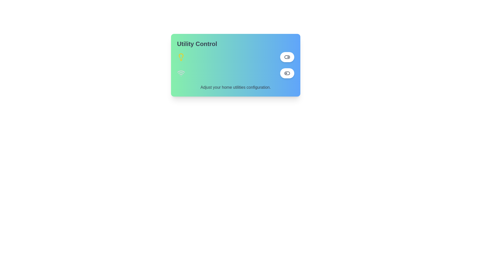 The width and height of the screenshot is (485, 273). Describe the element at coordinates (287, 73) in the screenshot. I see `the second toggle switch in the 'Utility Control' section, which has a white rounded-rectangle background and a black circle, to change its state` at that location.